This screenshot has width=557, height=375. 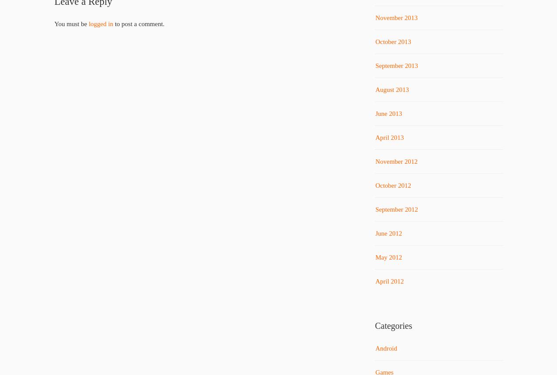 I want to click on 'Categories', so click(x=375, y=326).